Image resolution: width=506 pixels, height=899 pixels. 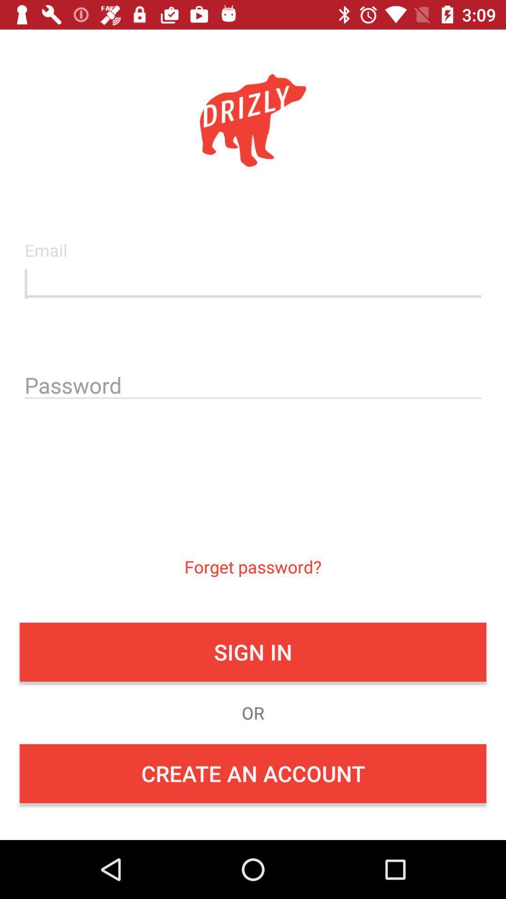 I want to click on field to insert email, so click(x=253, y=281).